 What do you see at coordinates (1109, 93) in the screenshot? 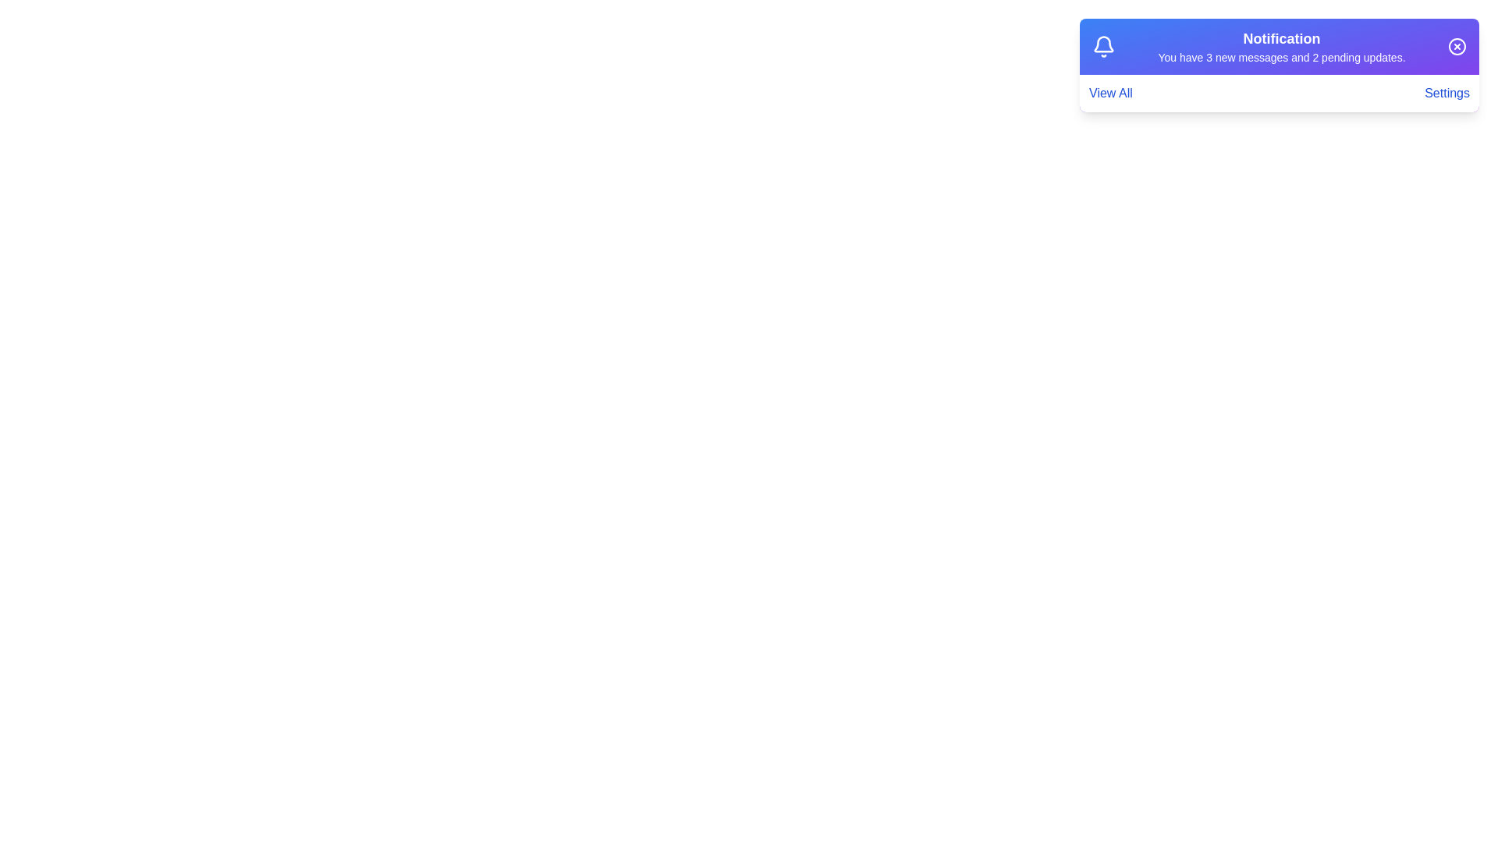
I see `the interactive element View All to observe its hover effect` at bounding box center [1109, 93].